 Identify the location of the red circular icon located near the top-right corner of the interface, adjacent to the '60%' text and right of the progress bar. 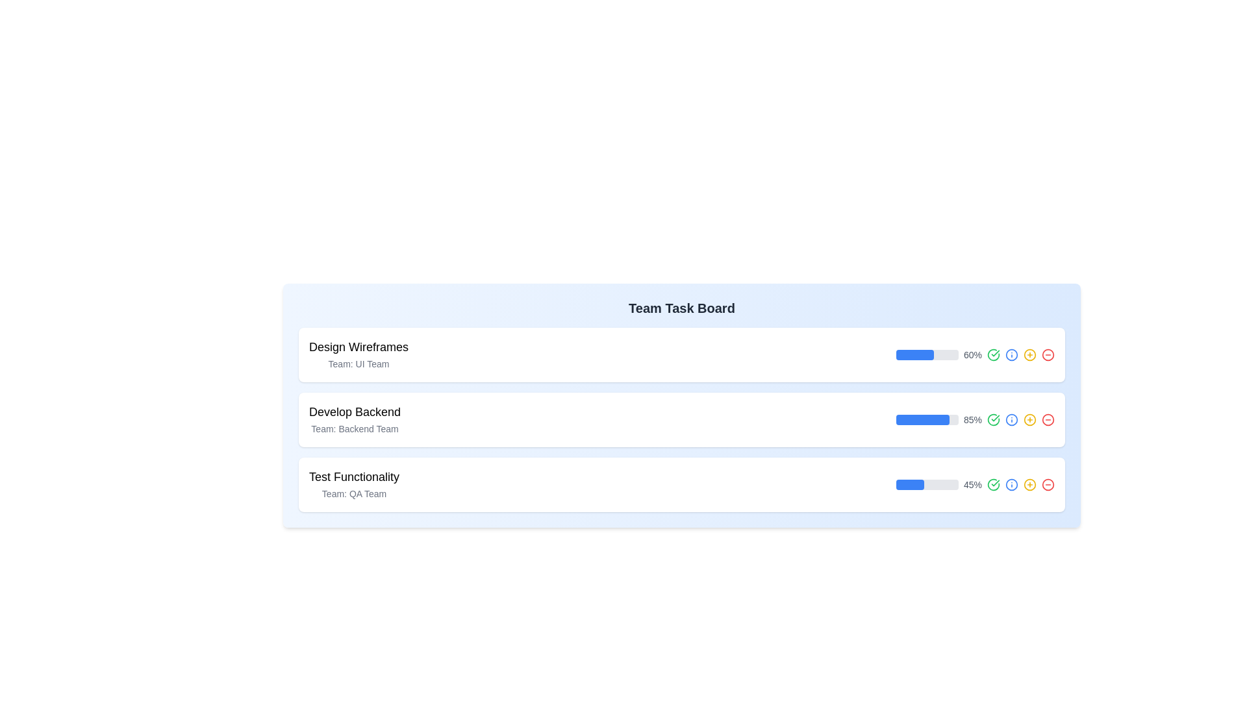
(1048, 355).